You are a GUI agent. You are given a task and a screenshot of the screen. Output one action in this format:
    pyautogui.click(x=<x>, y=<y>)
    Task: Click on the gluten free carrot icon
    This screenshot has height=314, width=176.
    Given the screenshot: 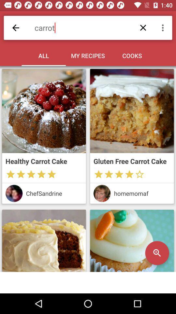 What is the action you would take?
    pyautogui.click(x=132, y=161)
    